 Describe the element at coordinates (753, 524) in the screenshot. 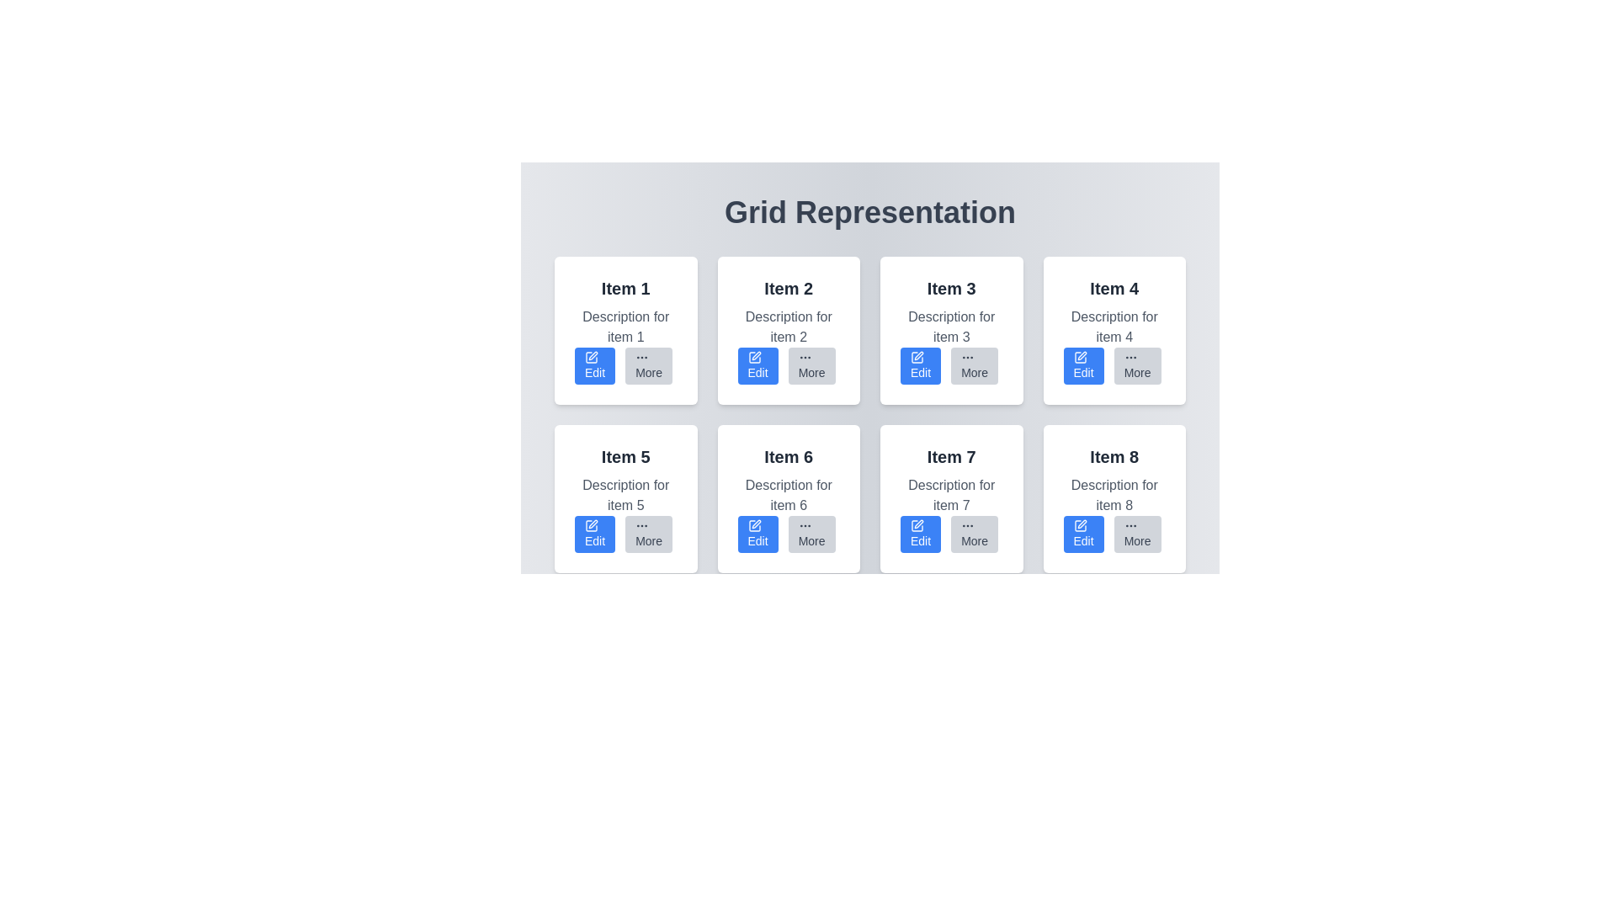

I see `the 'edit' action icon located inside the blue button labeled 'Edit', positioned in the sixth item of the grid layout` at that location.